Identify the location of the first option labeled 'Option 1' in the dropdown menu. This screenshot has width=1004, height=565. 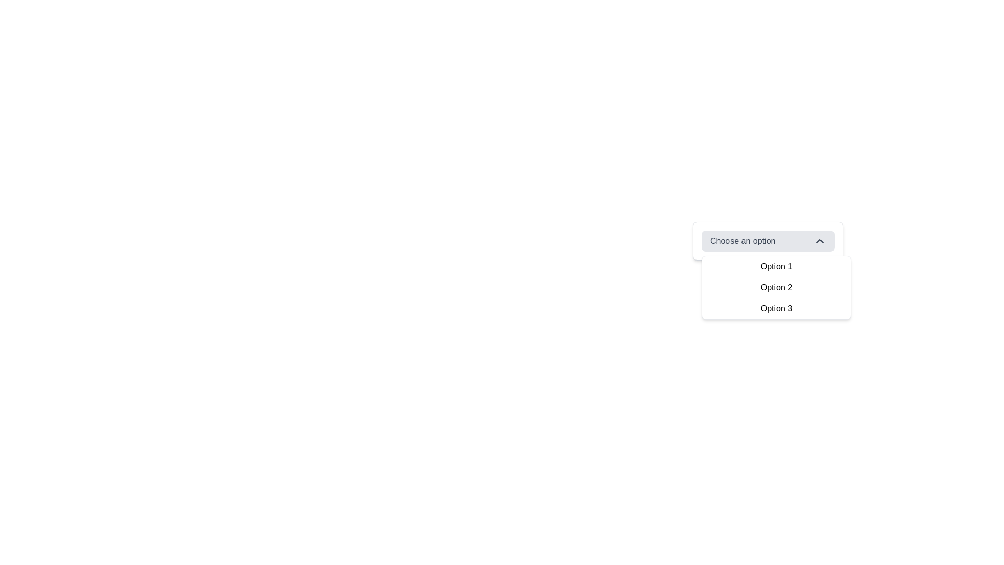
(776, 266).